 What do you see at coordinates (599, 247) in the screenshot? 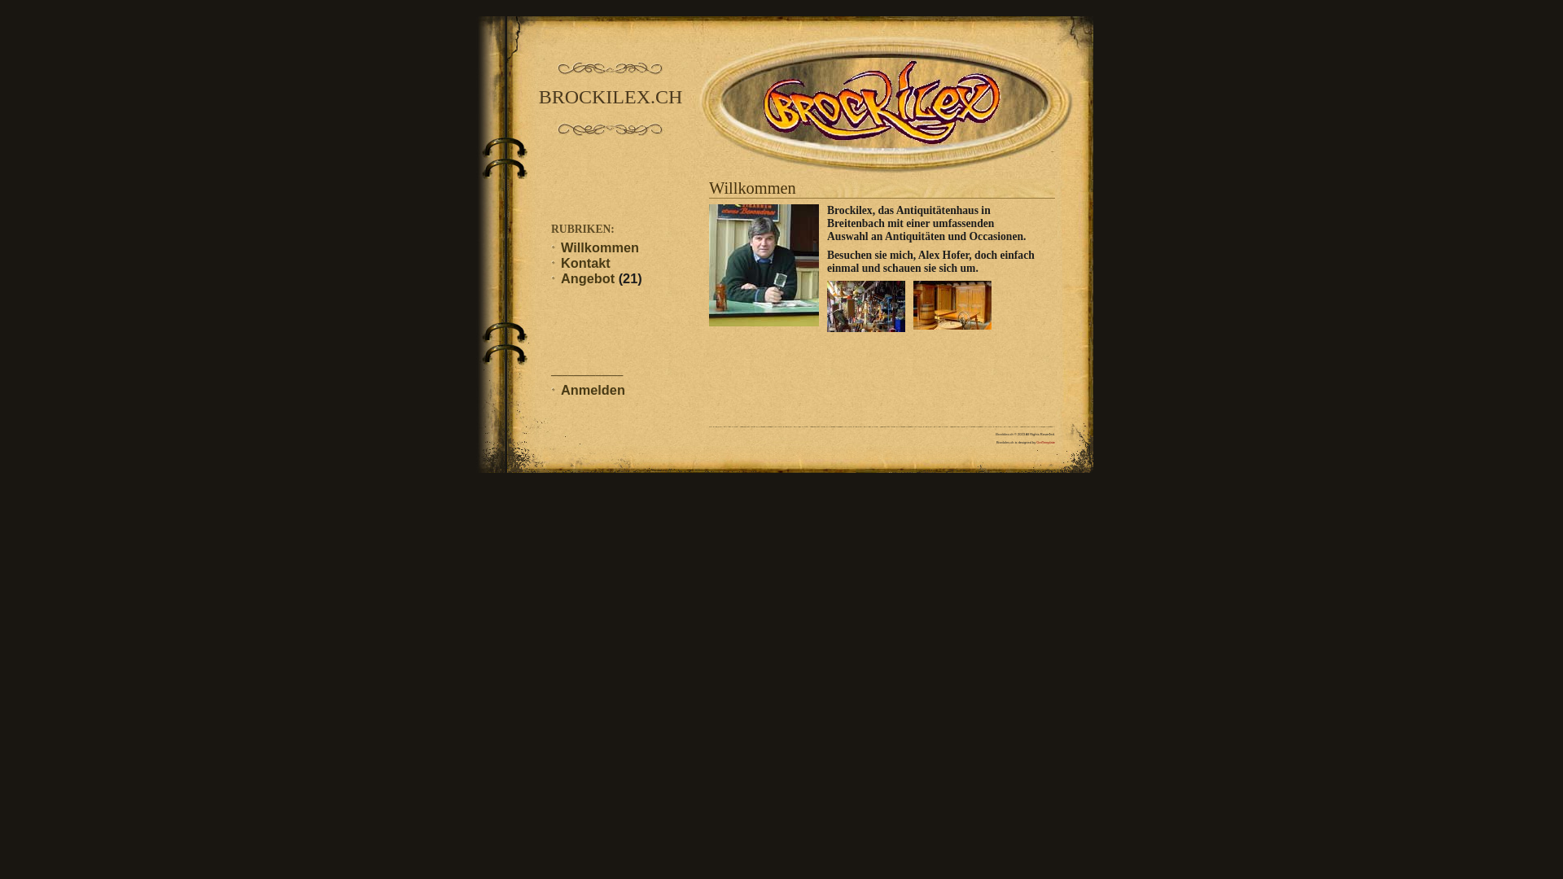
I see `'Willkommen'` at bounding box center [599, 247].